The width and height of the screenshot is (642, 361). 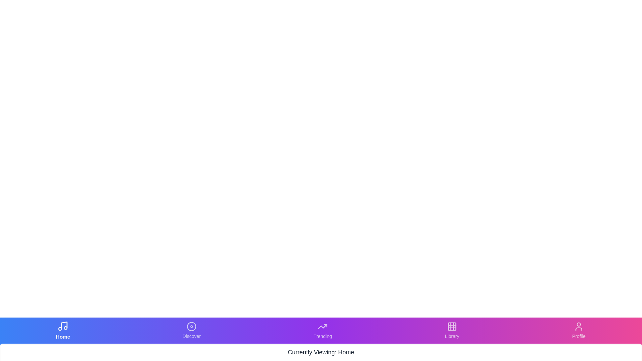 What do you see at coordinates (191, 330) in the screenshot?
I see `the Discover tab to navigate to it` at bounding box center [191, 330].